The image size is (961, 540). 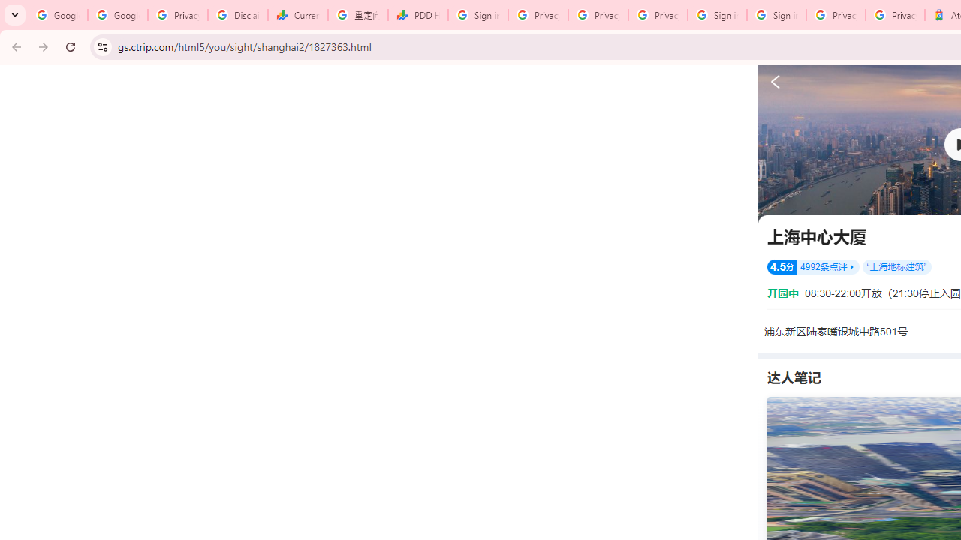 I want to click on 'PDD Holdings Inc - ADR (PDD) Price & News - Google Finance', so click(x=417, y=15).